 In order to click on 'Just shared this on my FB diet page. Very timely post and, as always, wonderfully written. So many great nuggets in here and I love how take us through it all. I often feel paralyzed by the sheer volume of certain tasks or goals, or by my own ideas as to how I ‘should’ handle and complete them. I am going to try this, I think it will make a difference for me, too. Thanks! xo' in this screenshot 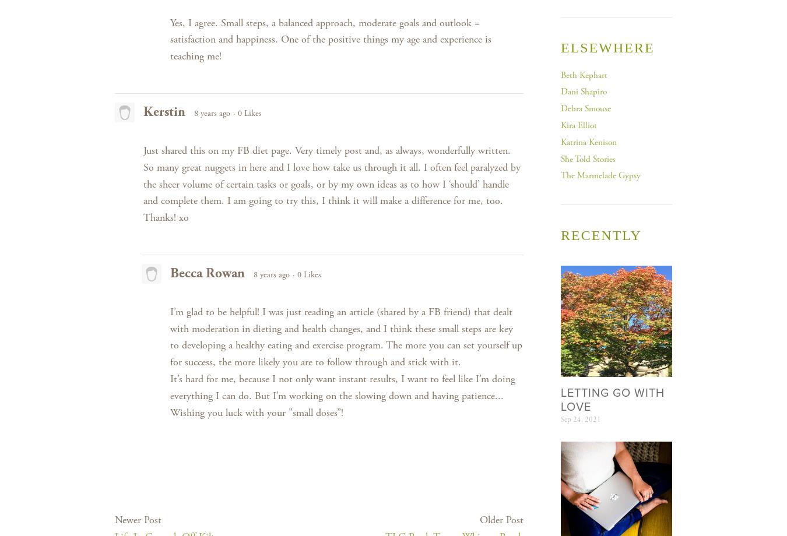, I will do `click(332, 184)`.